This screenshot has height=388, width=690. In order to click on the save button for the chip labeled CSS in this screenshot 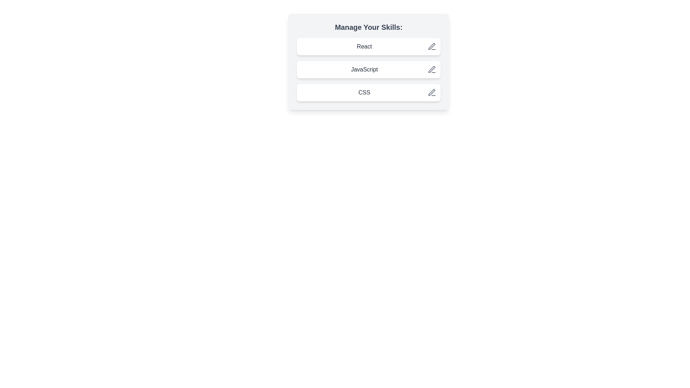, I will do `click(431, 92)`.